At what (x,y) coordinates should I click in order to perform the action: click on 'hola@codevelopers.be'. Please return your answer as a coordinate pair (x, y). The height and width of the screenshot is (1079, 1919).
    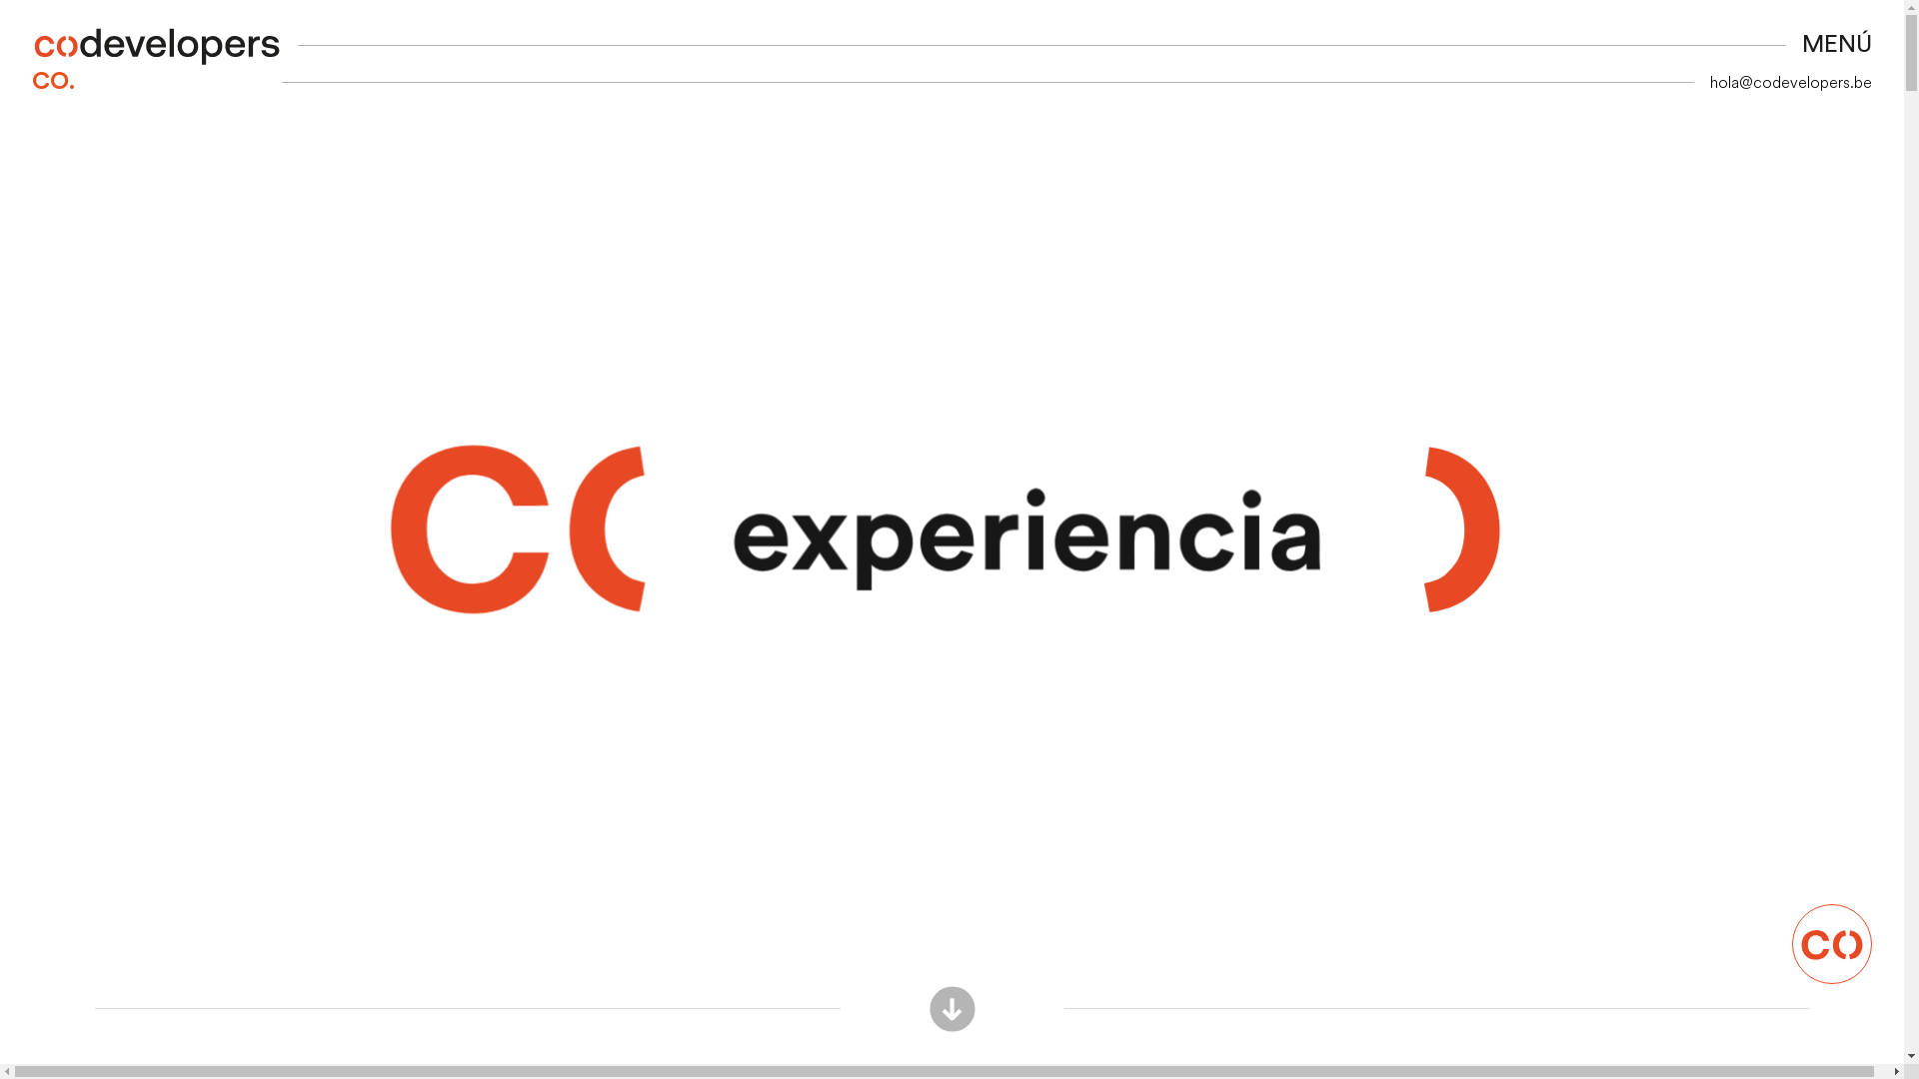
    Looking at the image, I should click on (1790, 80).